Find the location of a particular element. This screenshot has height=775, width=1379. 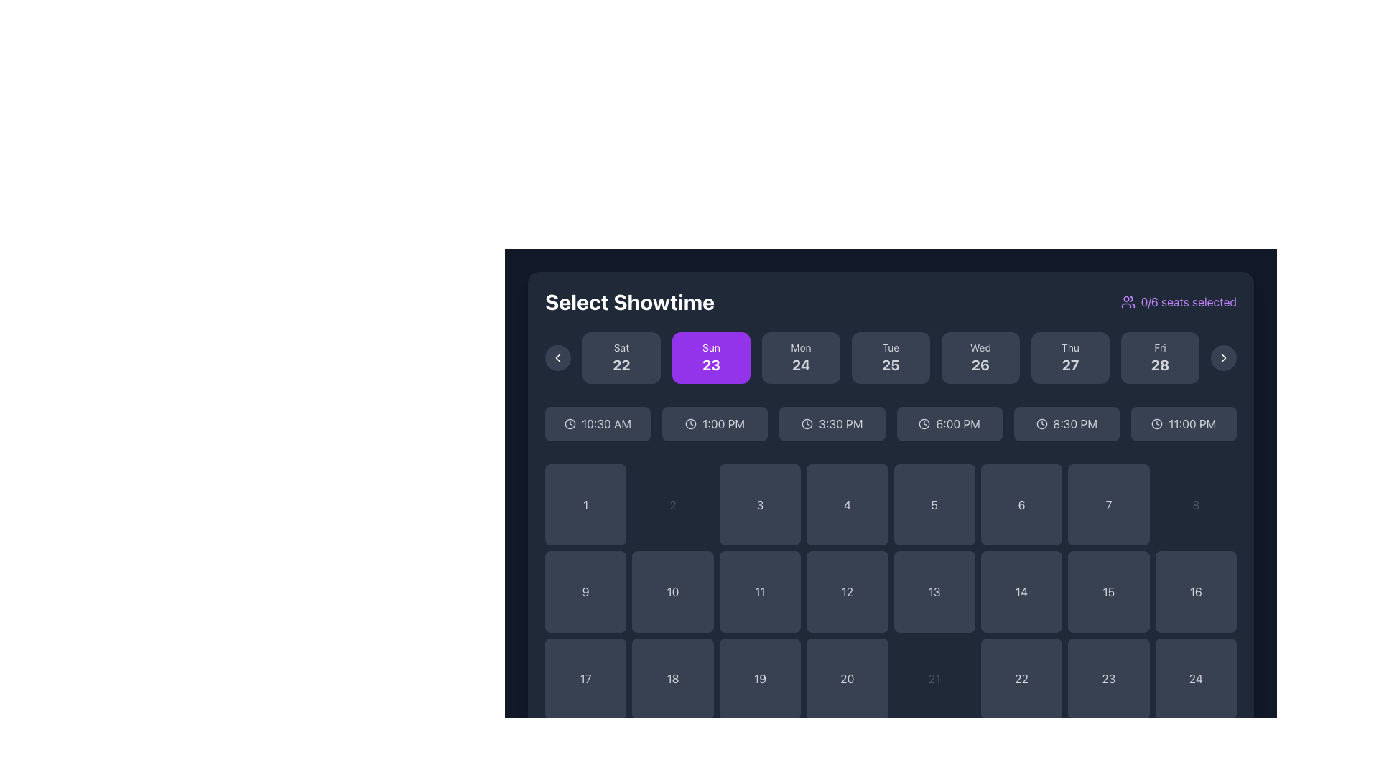

the button labeled '20', which is a square-shaped button with a rounded appearance, dark gray color, and light gray text in a clean, sans-serif font, located in the third row and fourth column of a grid layout is located at coordinates (847, 678).